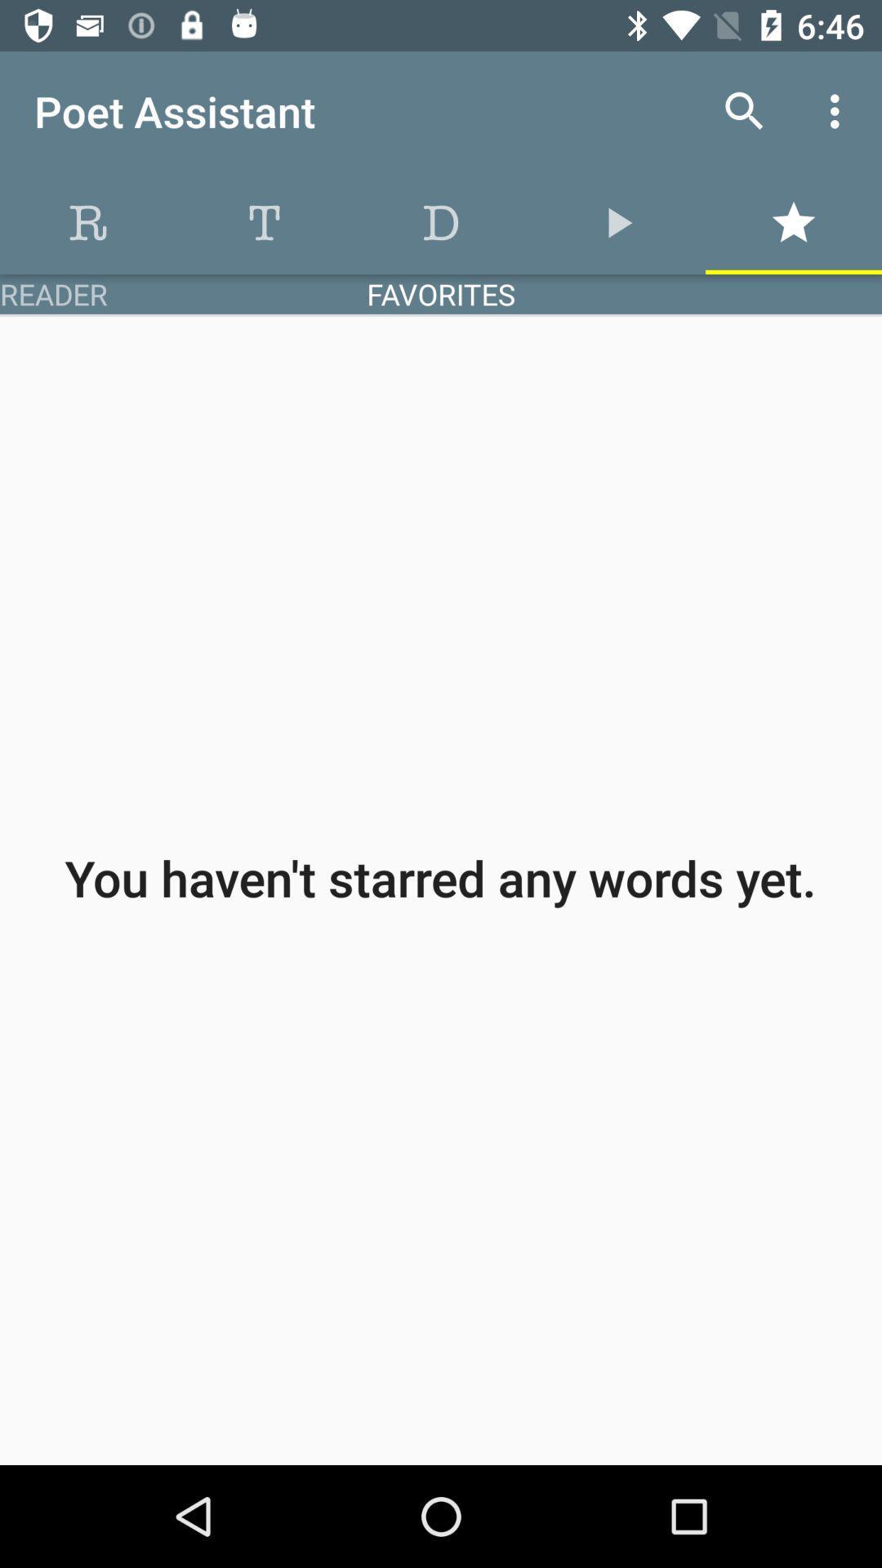  What do you see at coordinates (744, 111) in the screenshot?
I see `search icon in top right corner` at bounding box center [744, 111].